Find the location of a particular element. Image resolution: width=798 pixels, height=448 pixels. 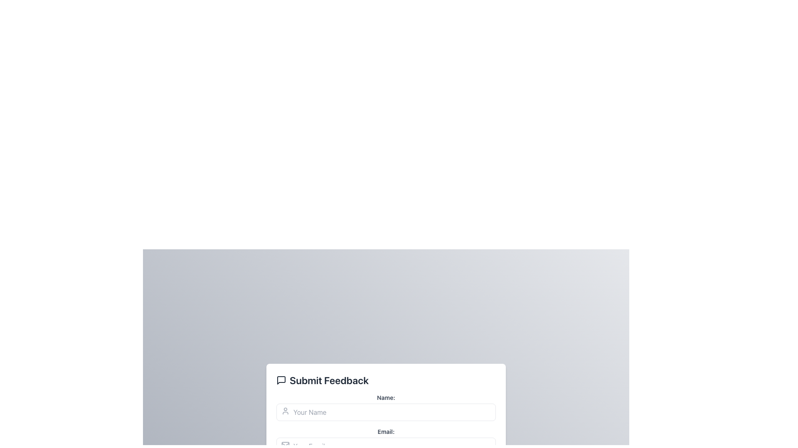

the SVG rectangle graphic that represents a mail envelope, which is part of the mail icon in the feedback form is located at coordinates (285, 444).